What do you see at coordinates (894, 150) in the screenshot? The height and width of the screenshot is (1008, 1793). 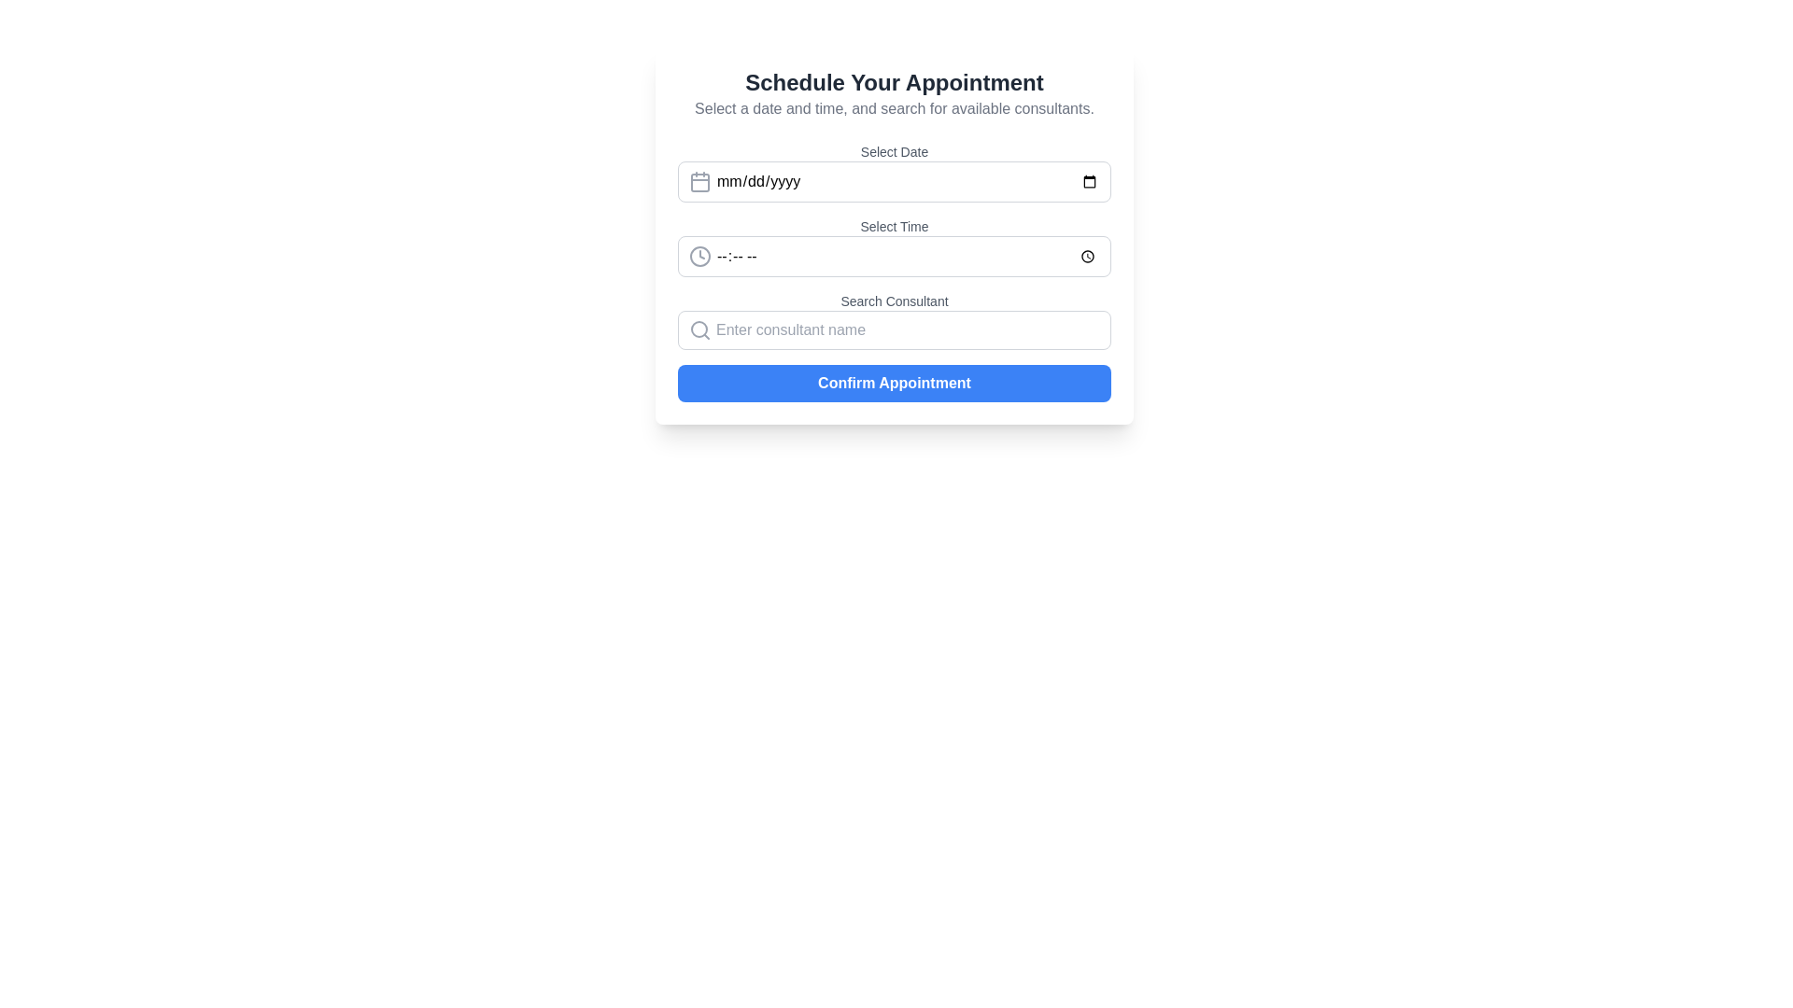 I see `the 'Select Date' text label which is positioned above the date input field in a gray color` at bounding box center [894, 150].